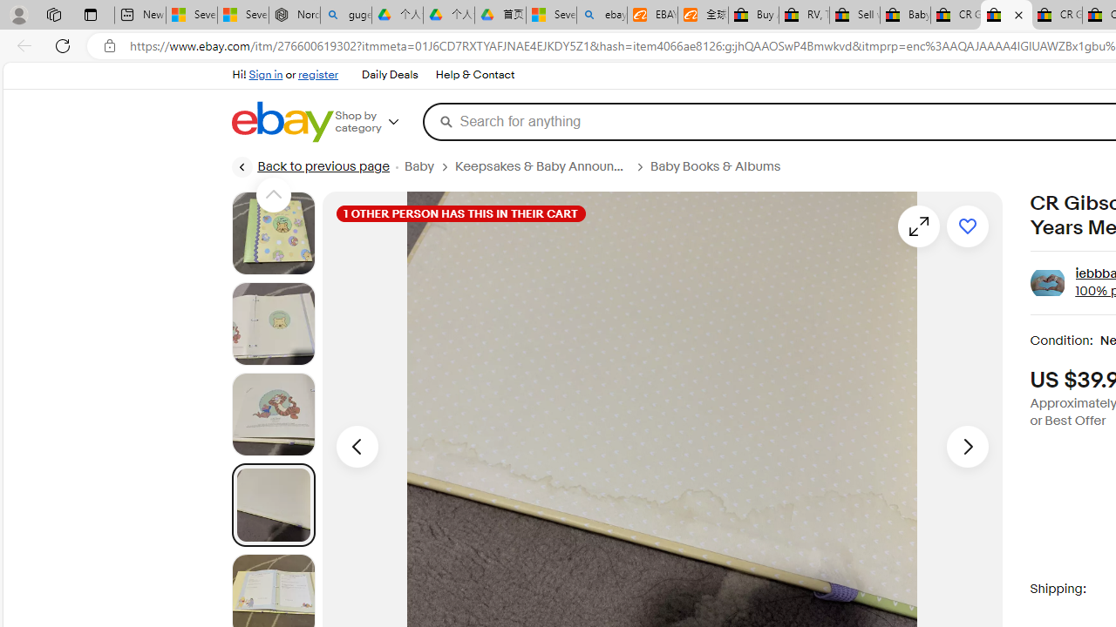 This screenshot has width=1116, height=627. I want to click on 'Picture 1 of 22', so click(272, 233).